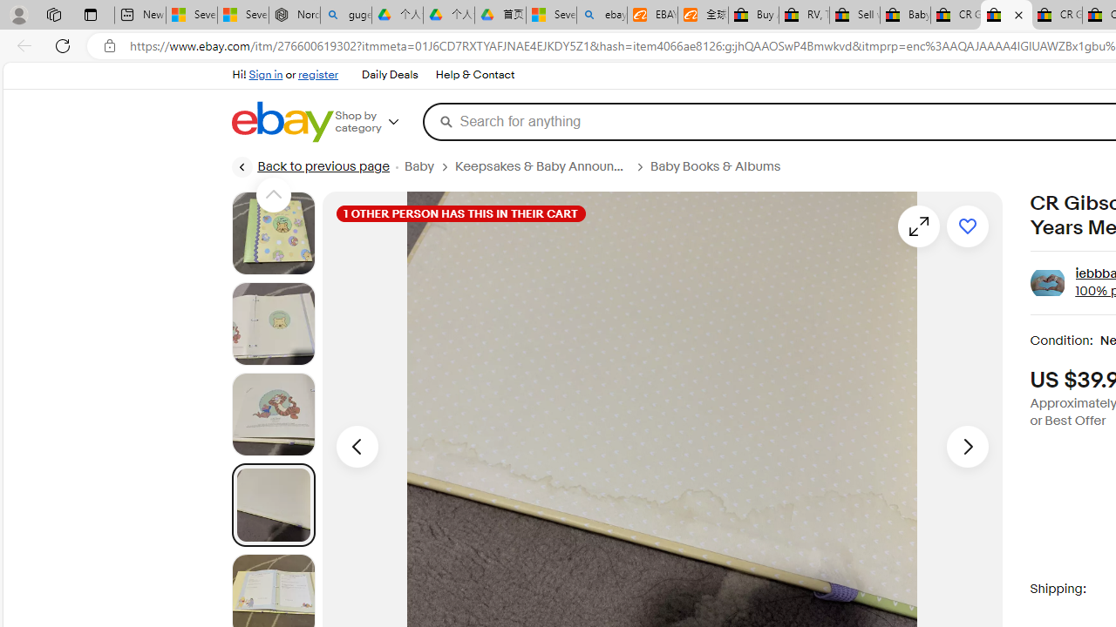 This screenshot has width=1116, height=627. I want to click on 'Picture 1 of 22', so click(272, 233).